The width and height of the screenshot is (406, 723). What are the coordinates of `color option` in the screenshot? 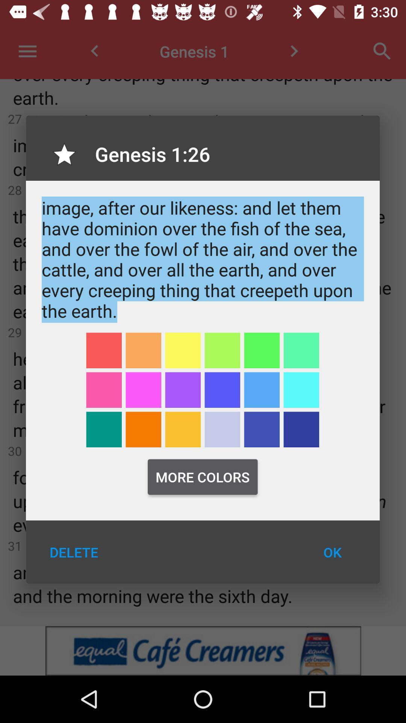 It's located at (301, 429).